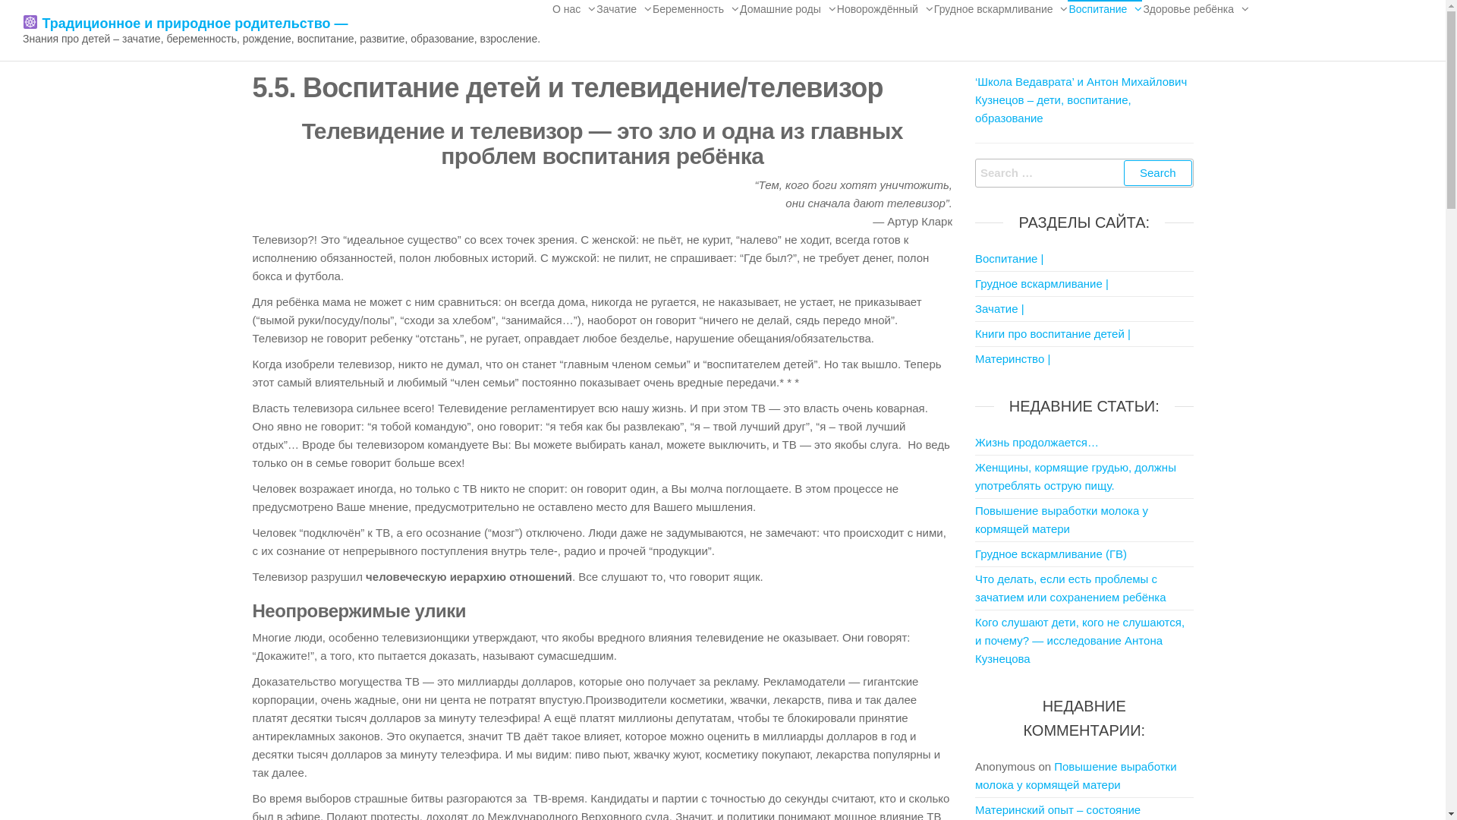 This screenshot has height=820, width=1457. Describe the element at coordinates (1157, 172) in the screenshot. I see `'Search'` at that location.